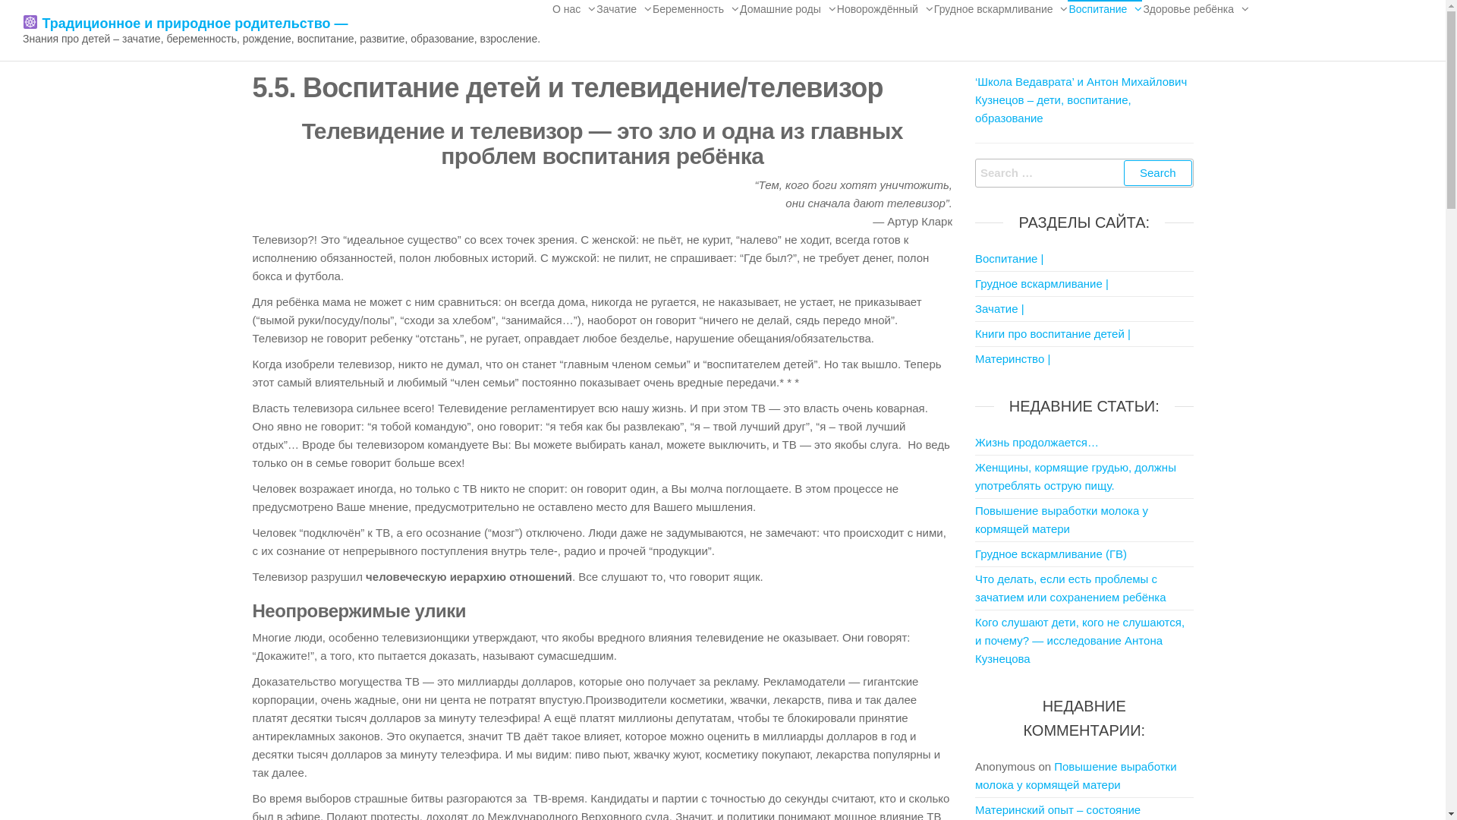 This screenshot has height=820, width=1457. Describe the element at coordinates (1157, 172) in the screenshot. I see `'Search'` at that location.